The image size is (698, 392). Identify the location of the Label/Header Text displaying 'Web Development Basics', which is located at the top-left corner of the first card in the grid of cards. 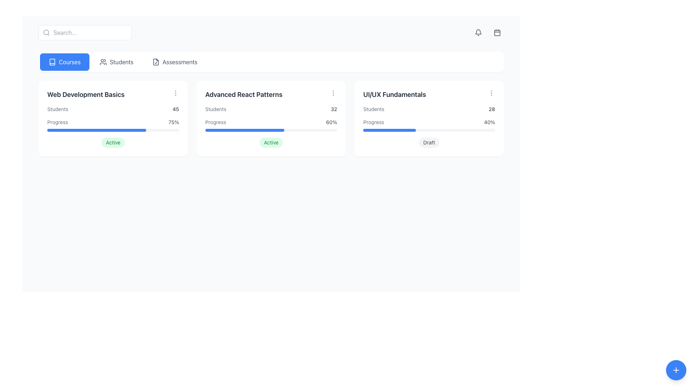
(113, 94).